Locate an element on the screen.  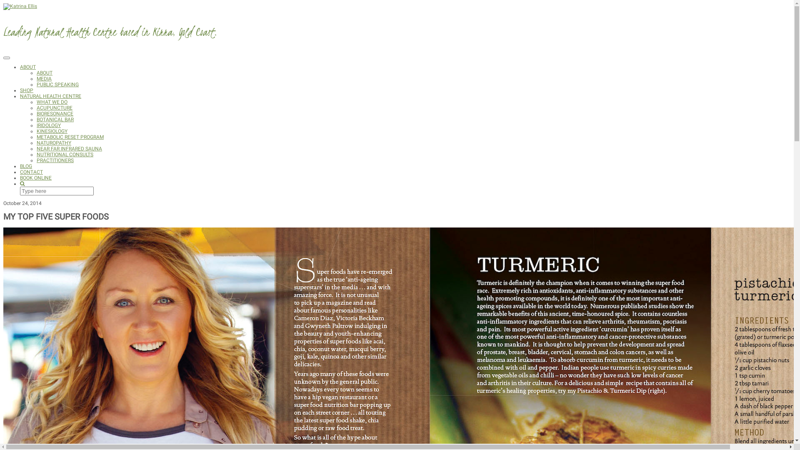
'WHAT WE DO' is located at coordinates (51, 102).